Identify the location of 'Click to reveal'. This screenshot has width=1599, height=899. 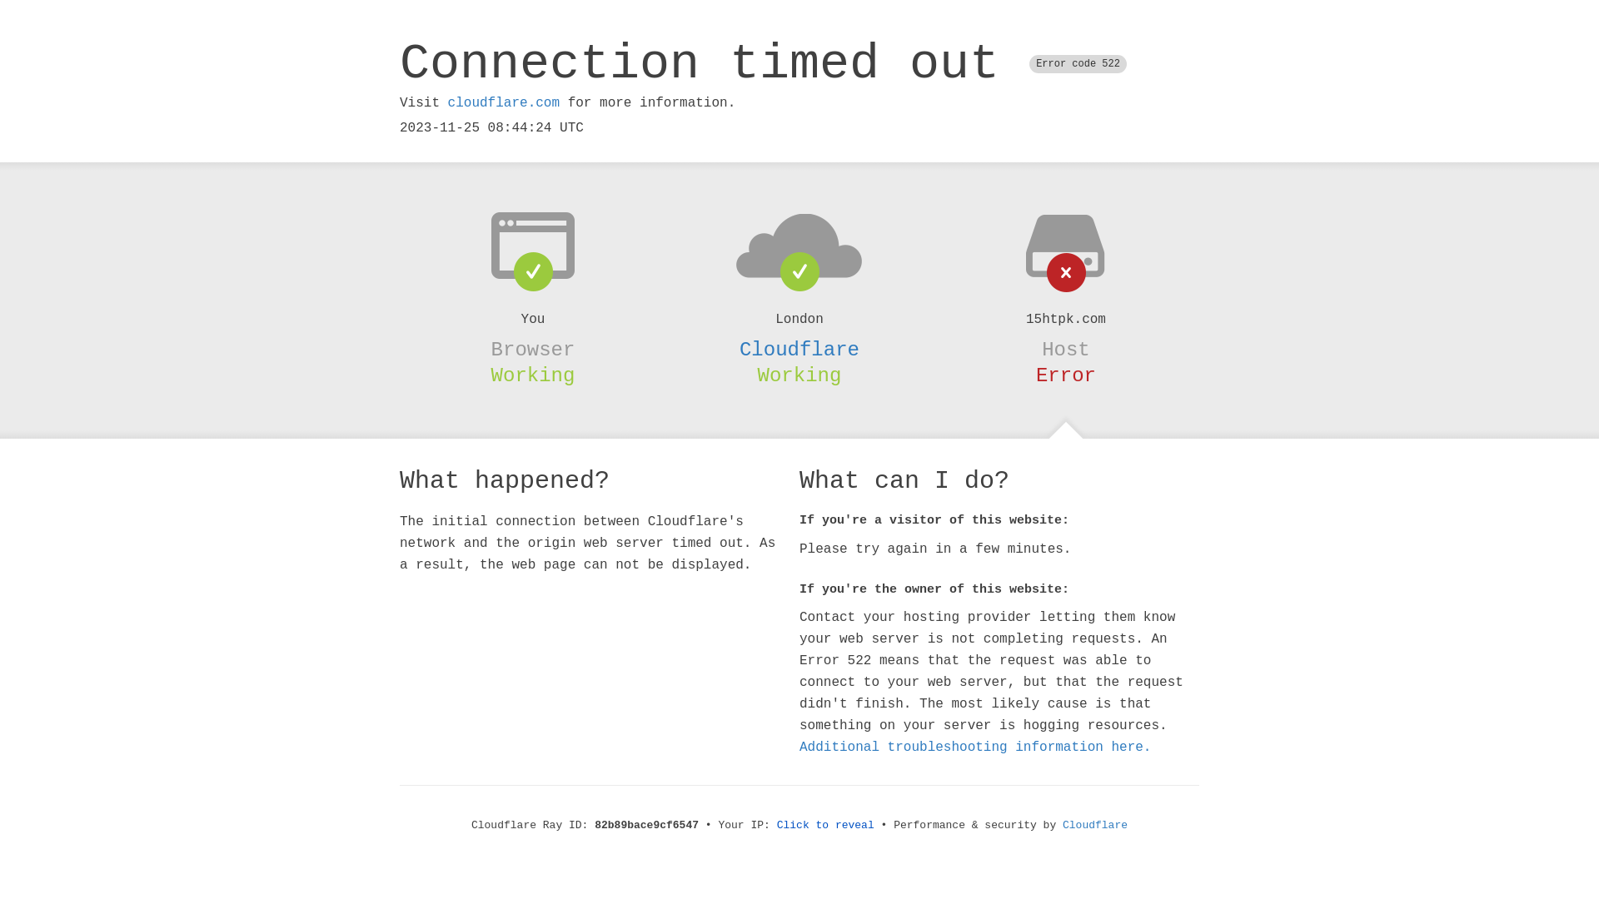
(825, 825).